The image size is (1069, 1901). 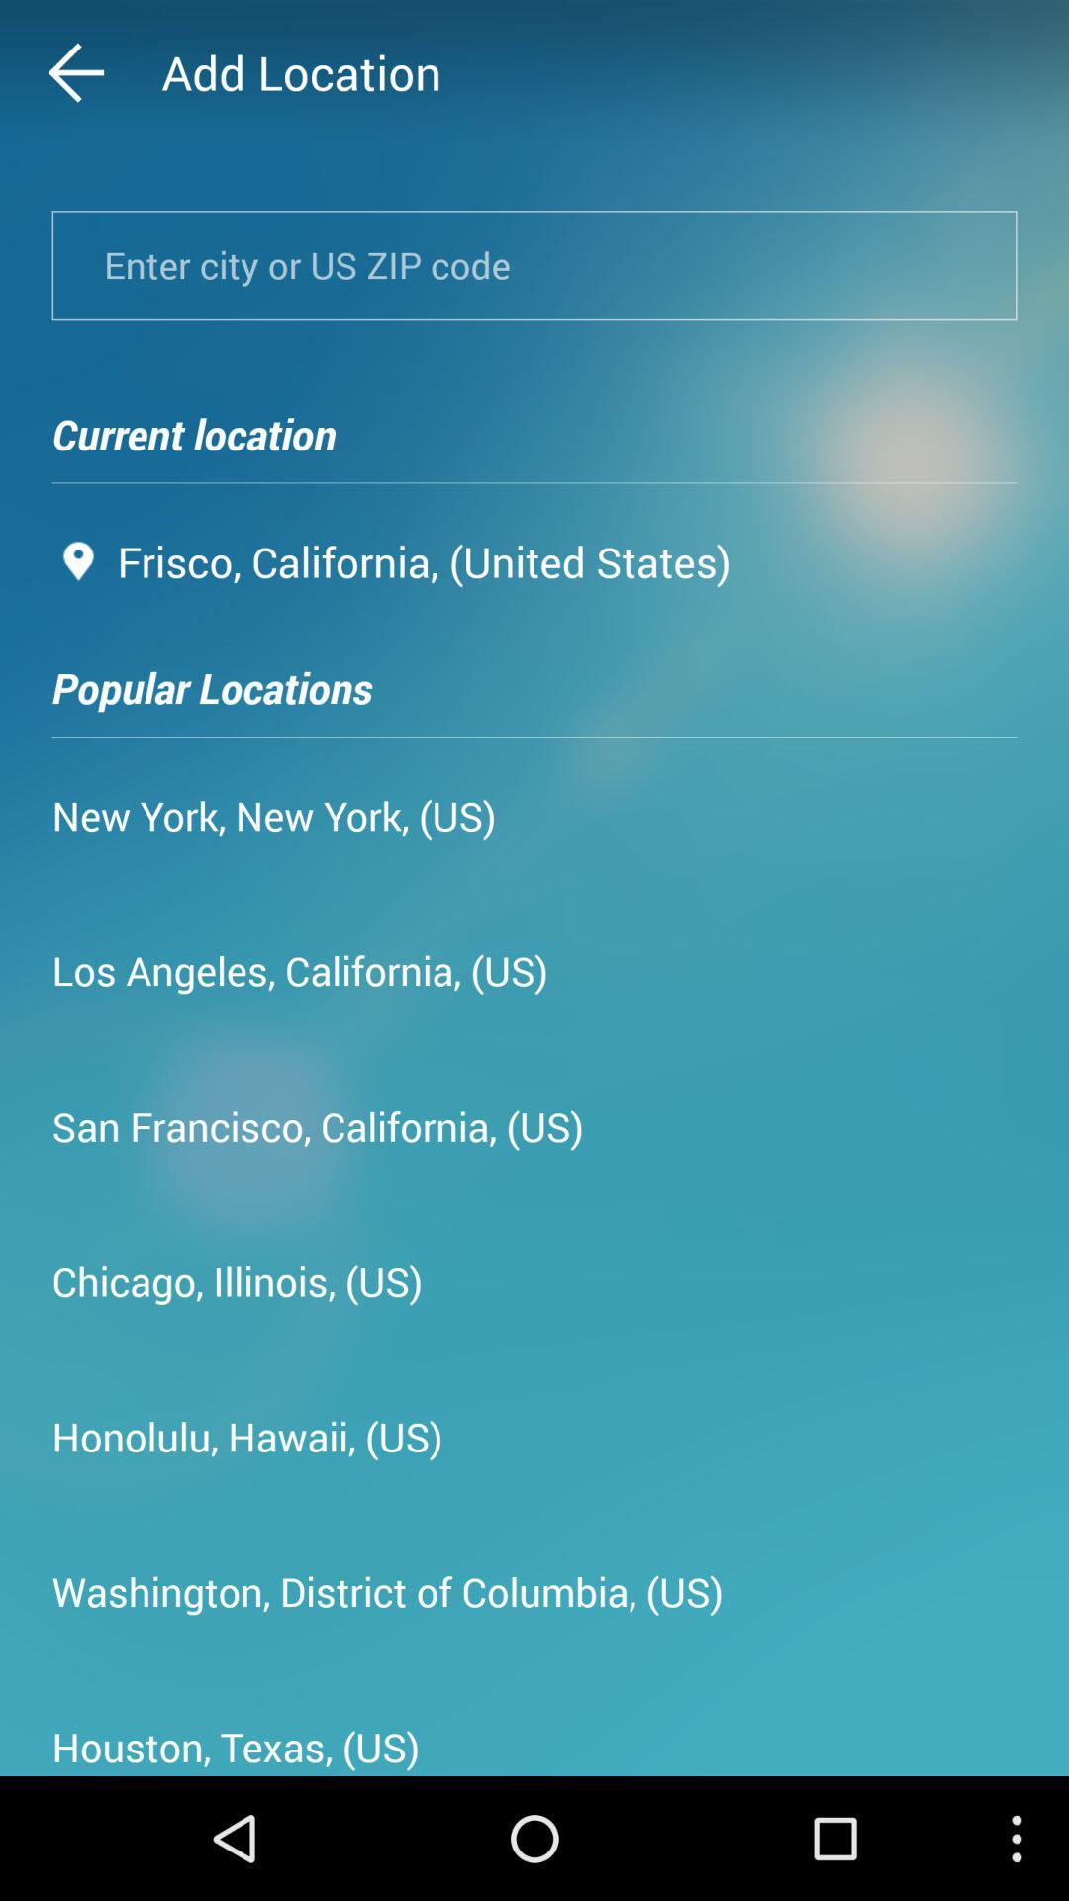 What do you see at coordinates (235, 1739) in the screenshot?
I see `the houston, texas, (us) item` at bounding box center [235, 1739].